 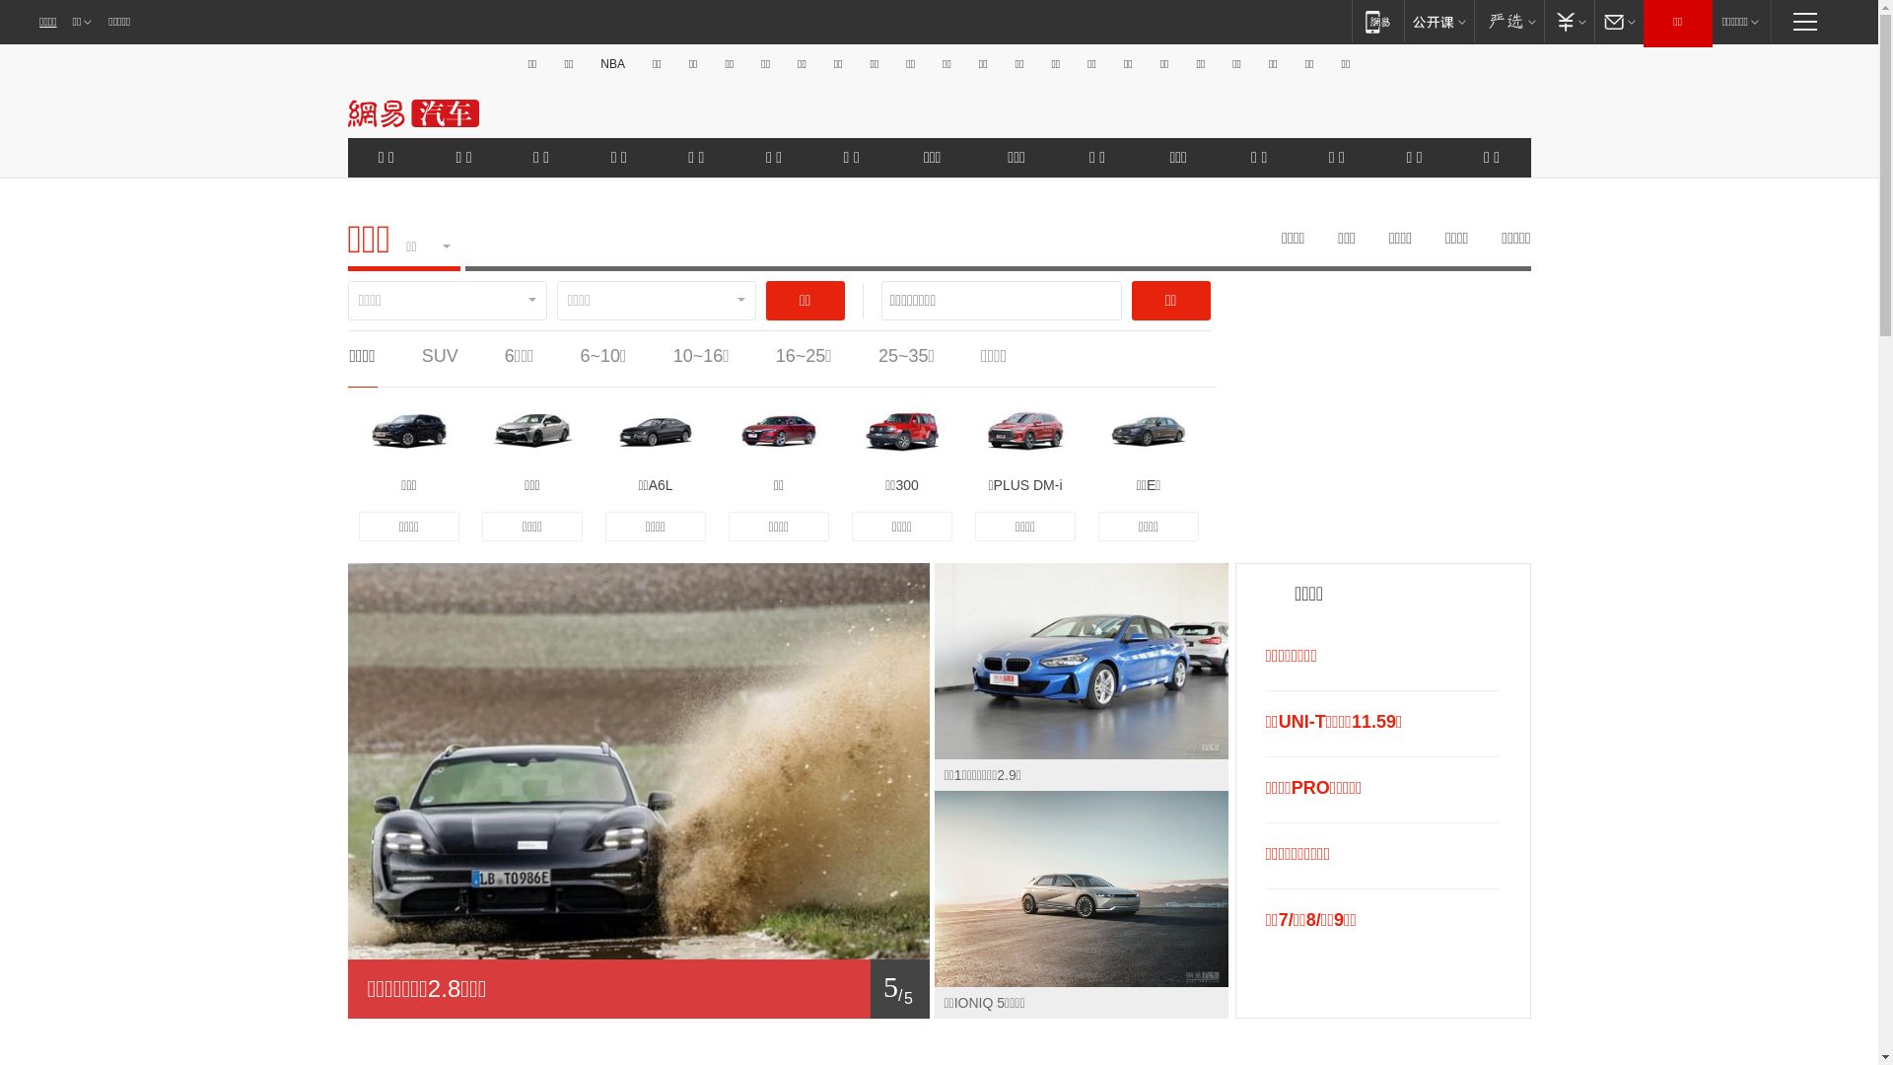 I want to click on '1/ 5', so click(x=638, y=988).